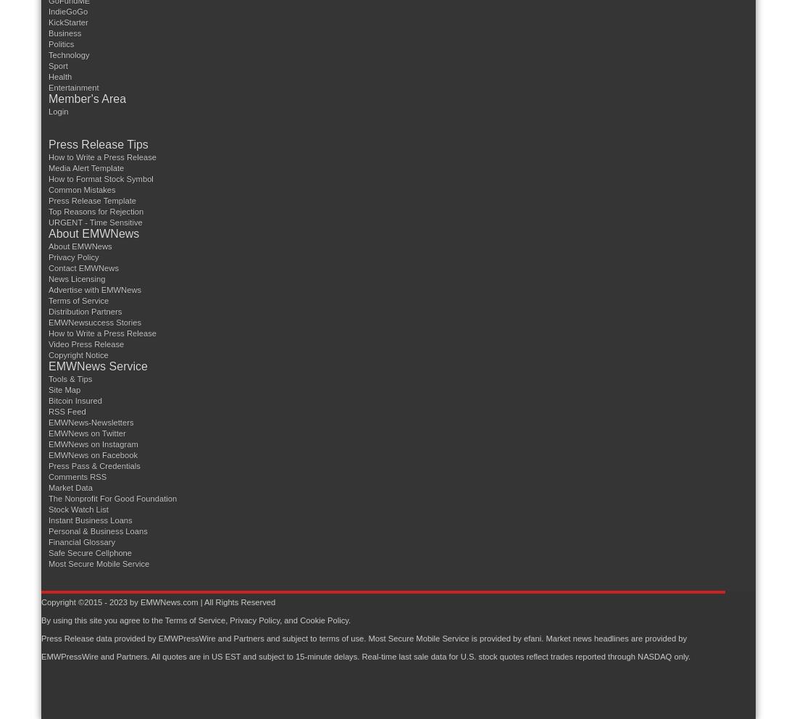  What do you see at coordinates (204, 638) in the screenshot?
I see `'Press Release data provided by EMWPressWire and Partners and subject to terms of use.'` at bounding box center [204, 638].